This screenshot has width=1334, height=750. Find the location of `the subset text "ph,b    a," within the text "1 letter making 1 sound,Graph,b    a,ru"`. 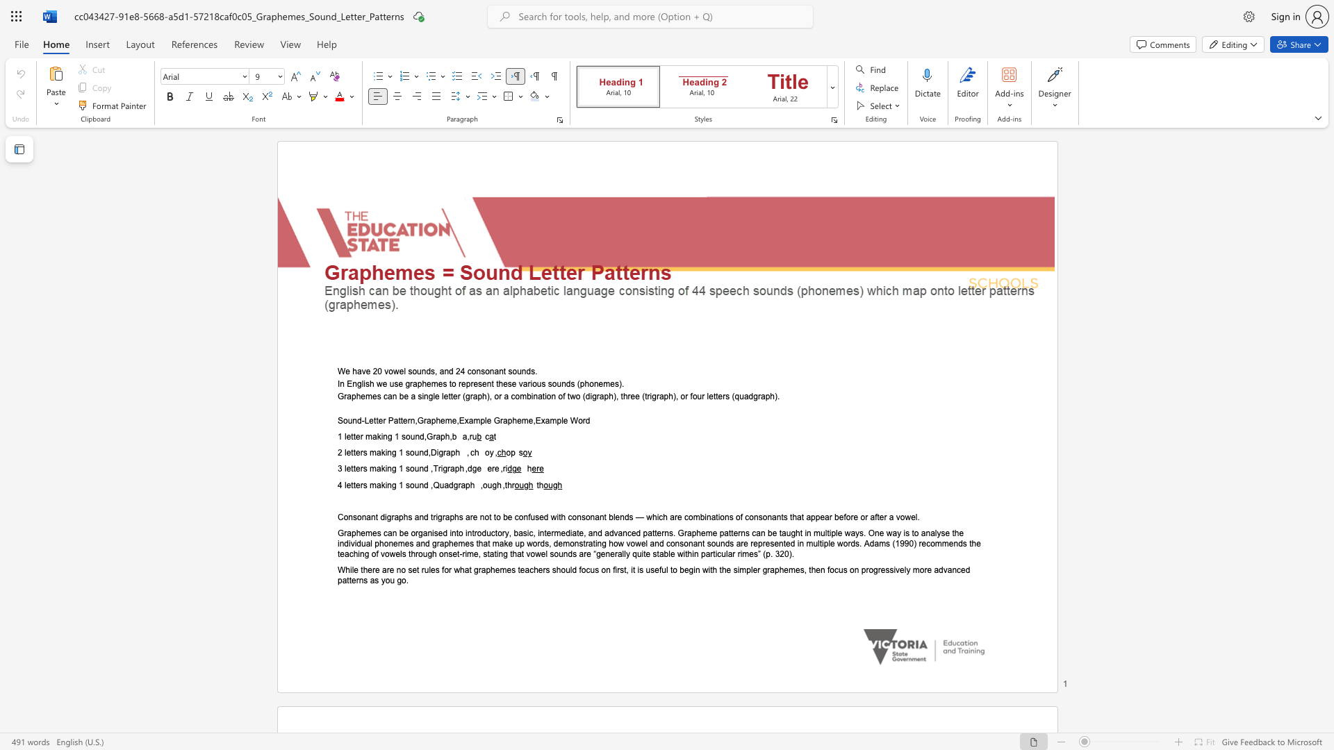

the subset text "ph,b    a," within the text "1 letter making 1 sound,Graph,b    a,ru" is located at coordinates (439, 436).